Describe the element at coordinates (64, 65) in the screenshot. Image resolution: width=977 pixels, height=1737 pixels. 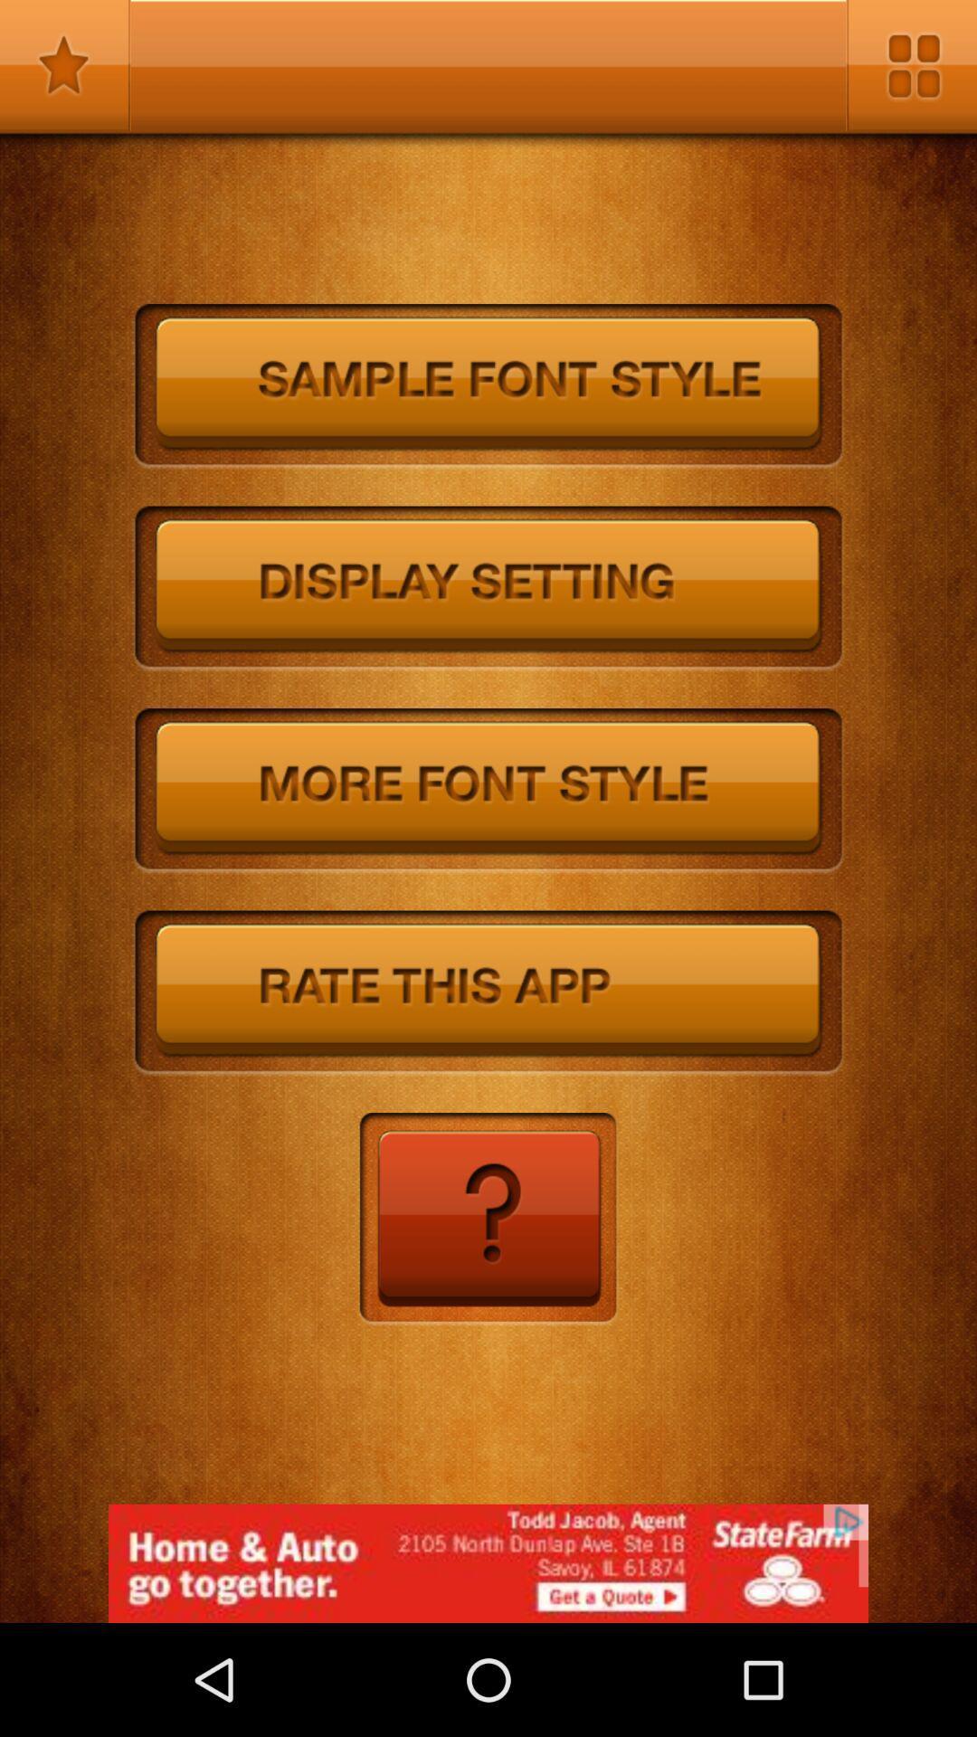
I see `saved options and selections` at that location.